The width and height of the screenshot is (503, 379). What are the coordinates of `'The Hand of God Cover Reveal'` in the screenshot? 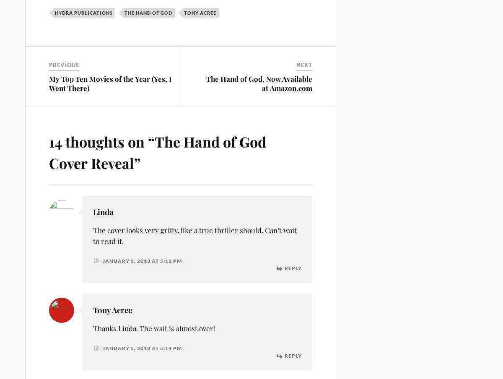 It's located at (157, 151).